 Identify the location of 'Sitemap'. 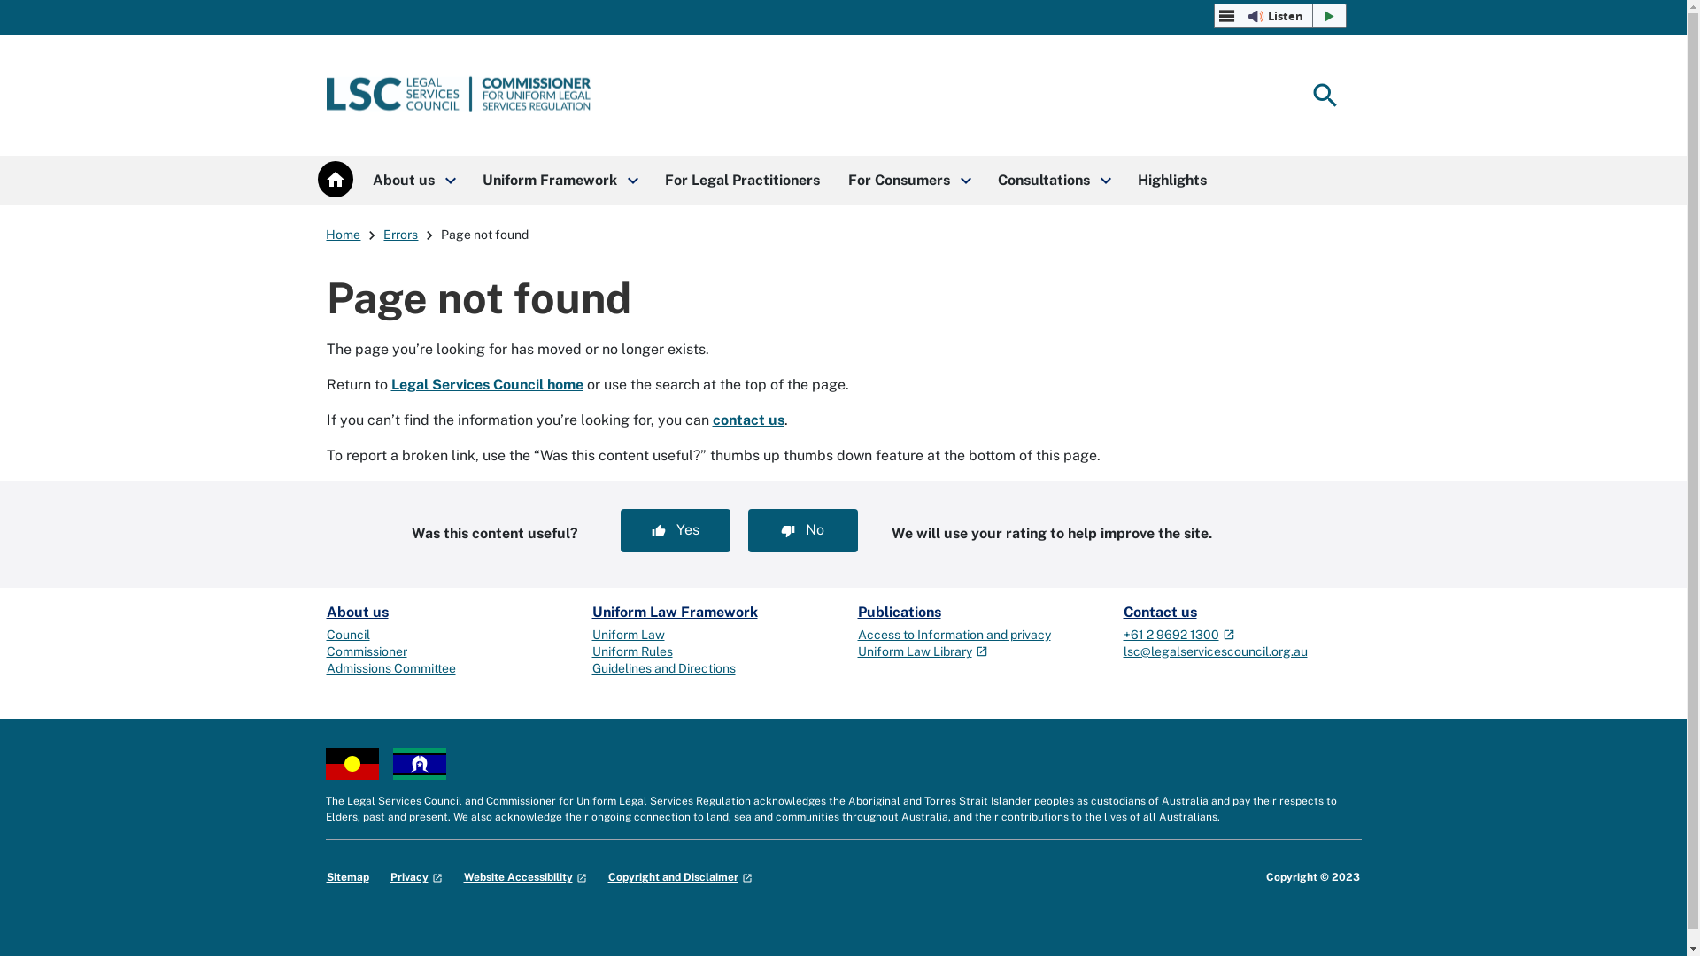
(347, 877).